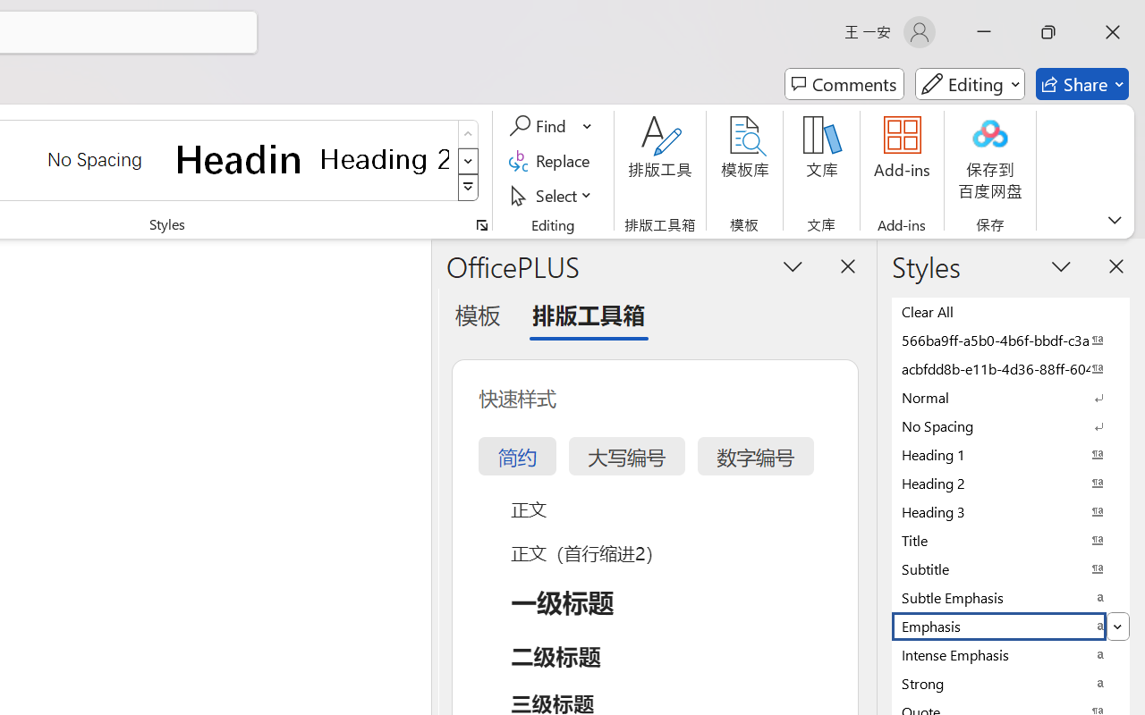 Image resolution: width=1145 pixels, height=715 pixels. What do you see at coordinates (1011, 339) in the screenshot?
I see `'566ba9ff-a5b0-4b6f-bbdf-c3ab41993fc2'` at bounding box center [1011, 339].